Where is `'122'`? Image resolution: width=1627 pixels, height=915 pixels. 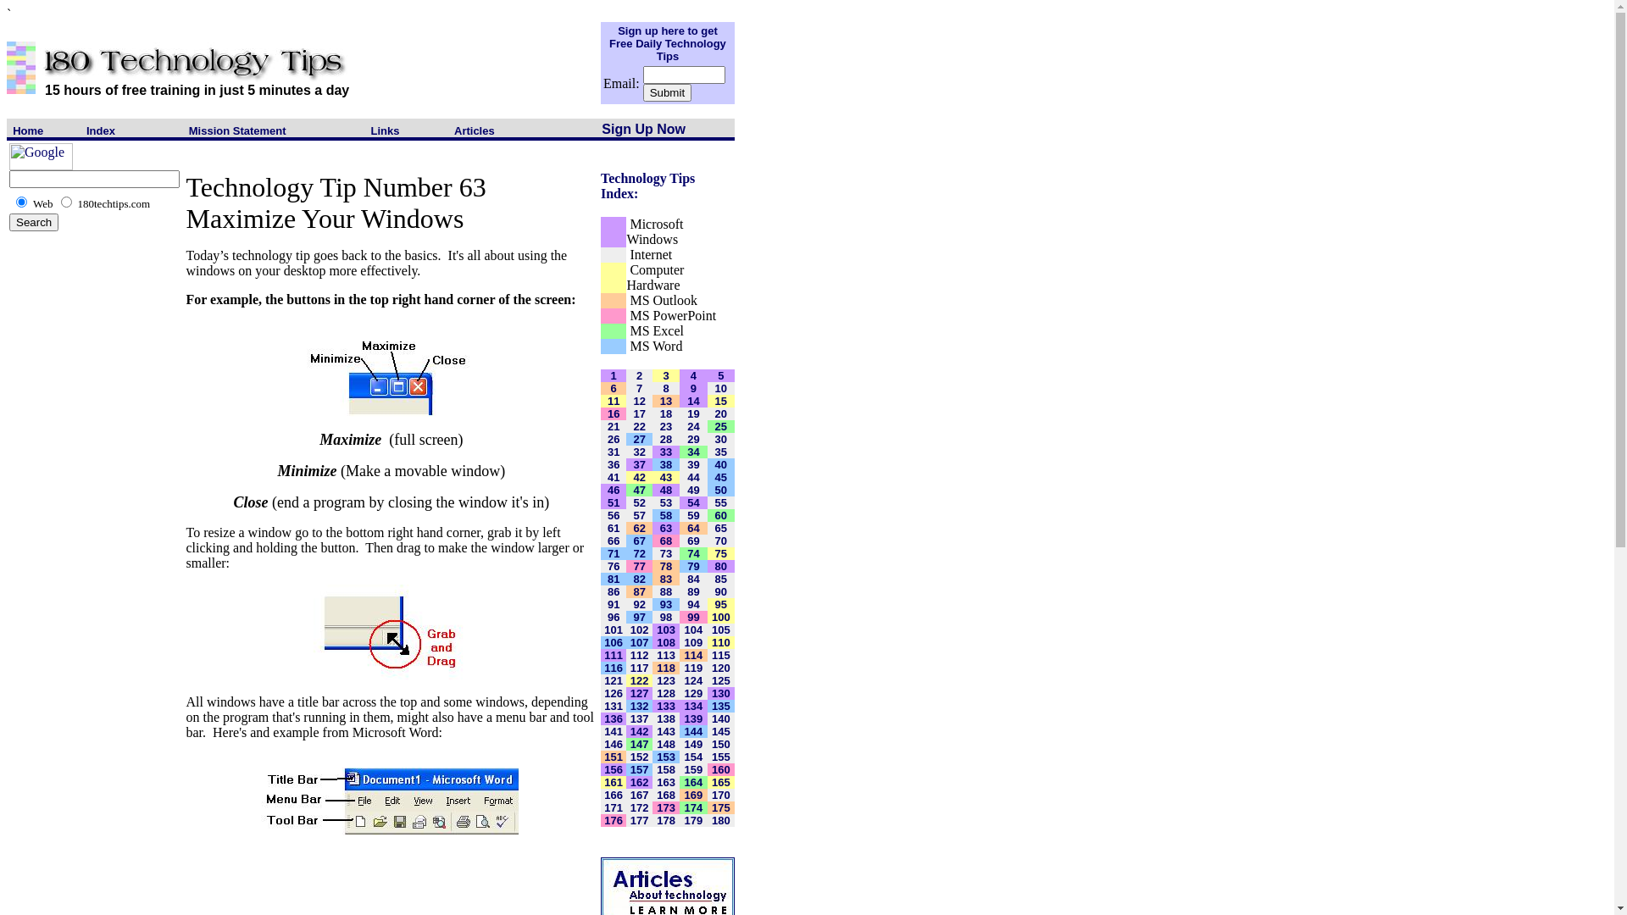 '122' is located at coordinates (638, 679).